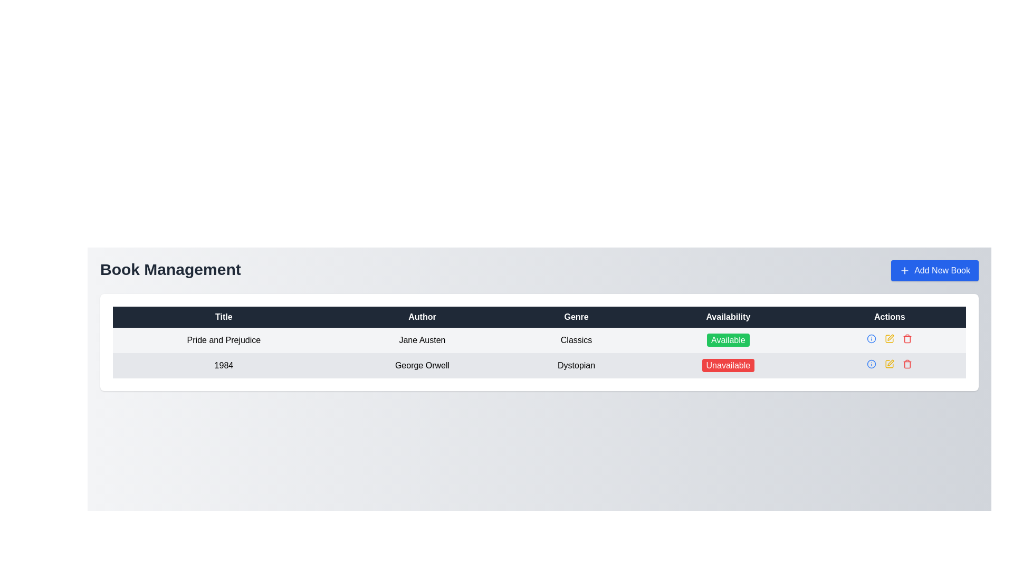 The width and height of the screenshot is (1013, 570). Describe the element at coordinates (576, 365) in the screenshot. I see `the text label 'Dystopian' in the third cell of the second row under the 'Genre' column` at that location.